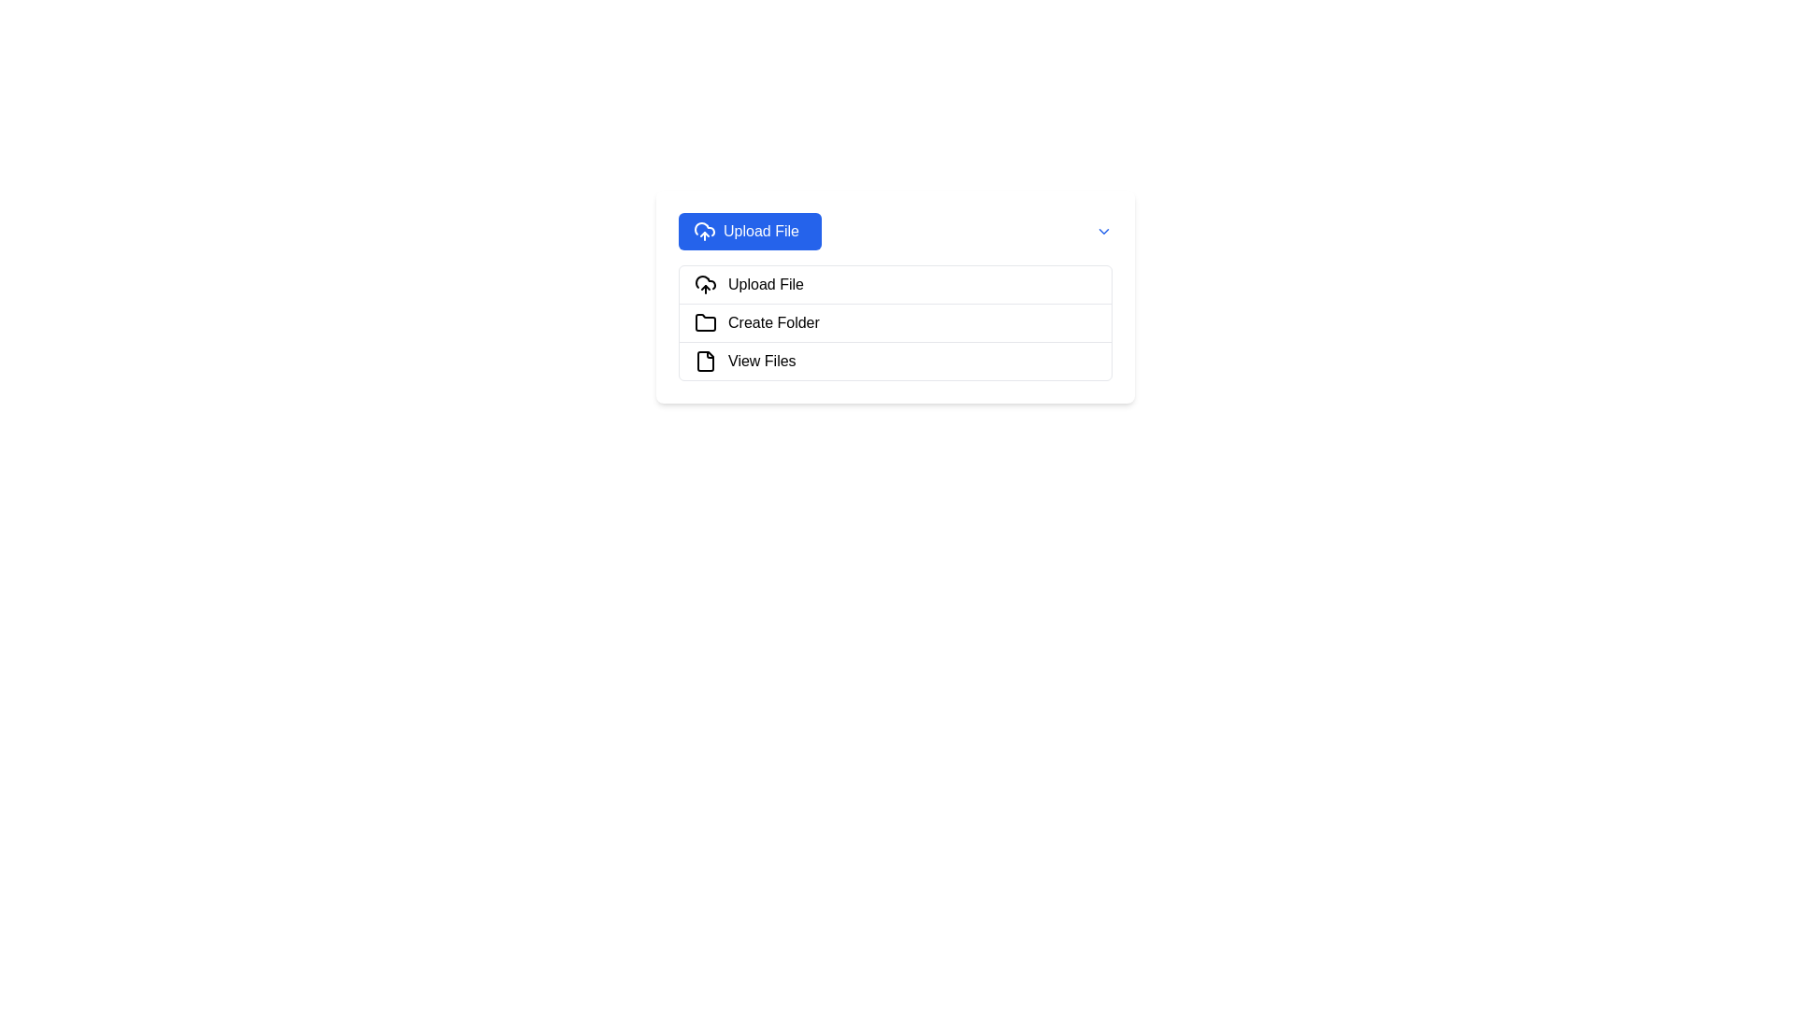 The image size is (1795, 1009). Describe the element at coordinates (703, 228) in the screenshot. I see `the lower curve of the cloud upload icon, which symbolizes file uploading functionality` at that location.